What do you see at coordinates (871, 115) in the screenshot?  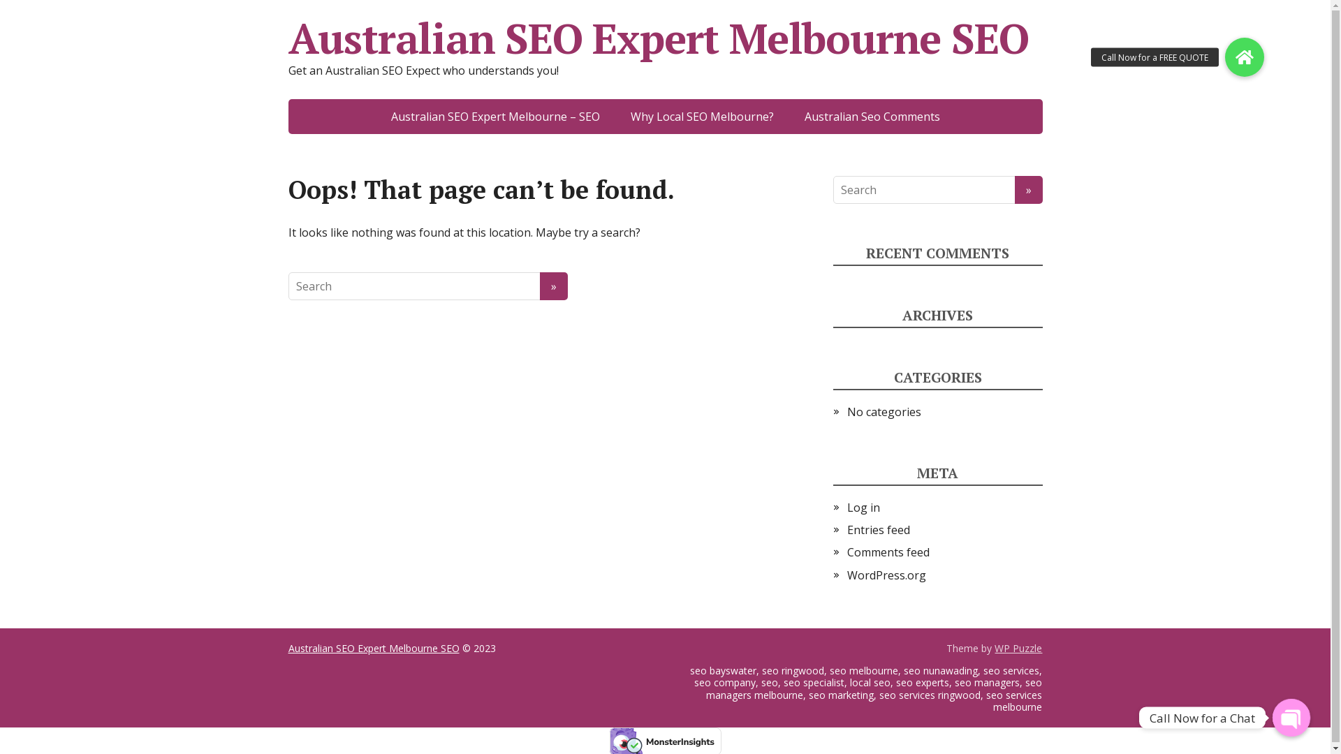 I see `'Australian Seo Comments'` at bounding box center [871, 115].